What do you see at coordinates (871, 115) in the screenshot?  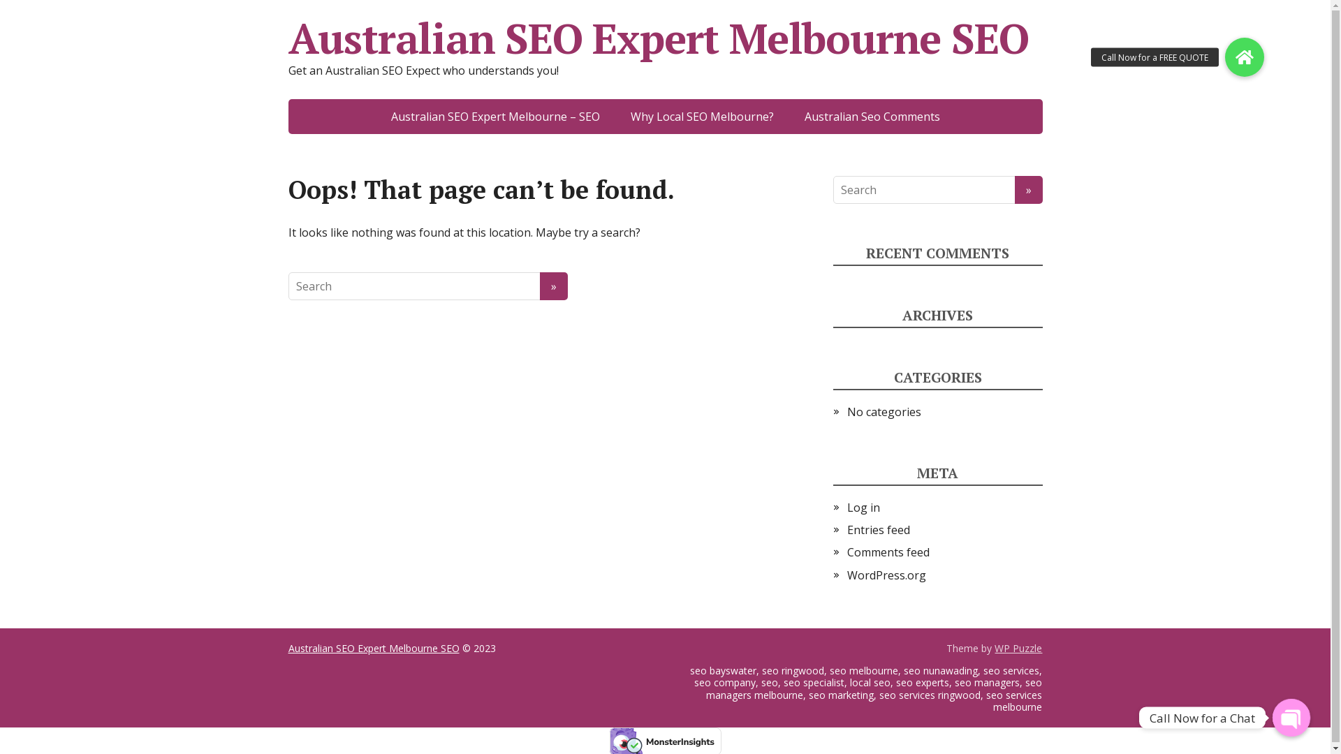 I see `'Australian Seo Comments'` at bounding box center [871, 115].